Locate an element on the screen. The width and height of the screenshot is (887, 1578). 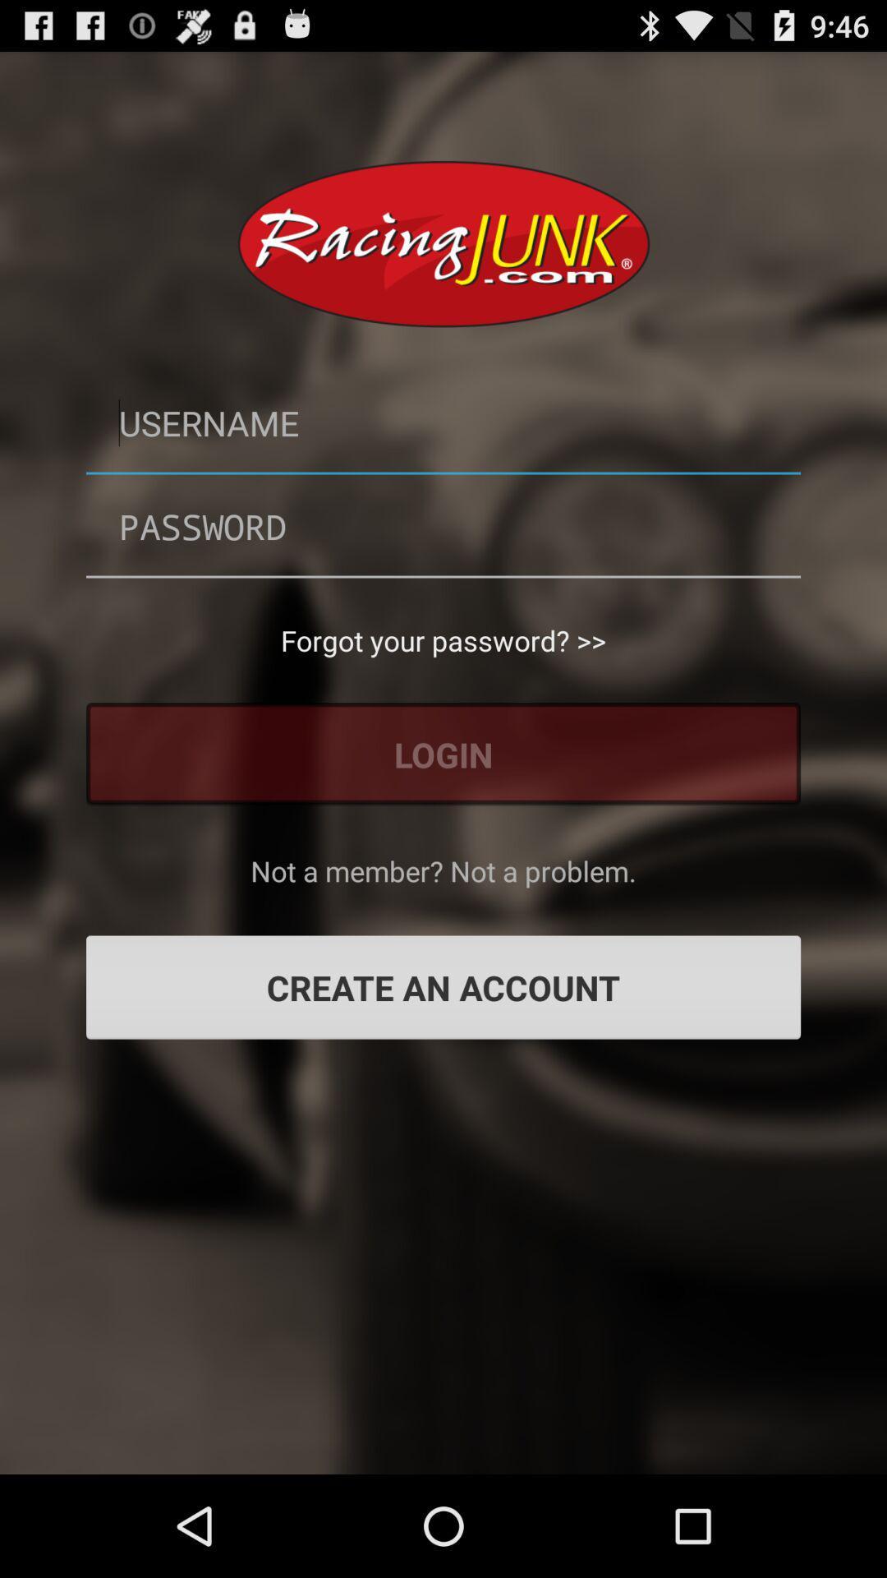
create an account is located at coordinates (443, 986).